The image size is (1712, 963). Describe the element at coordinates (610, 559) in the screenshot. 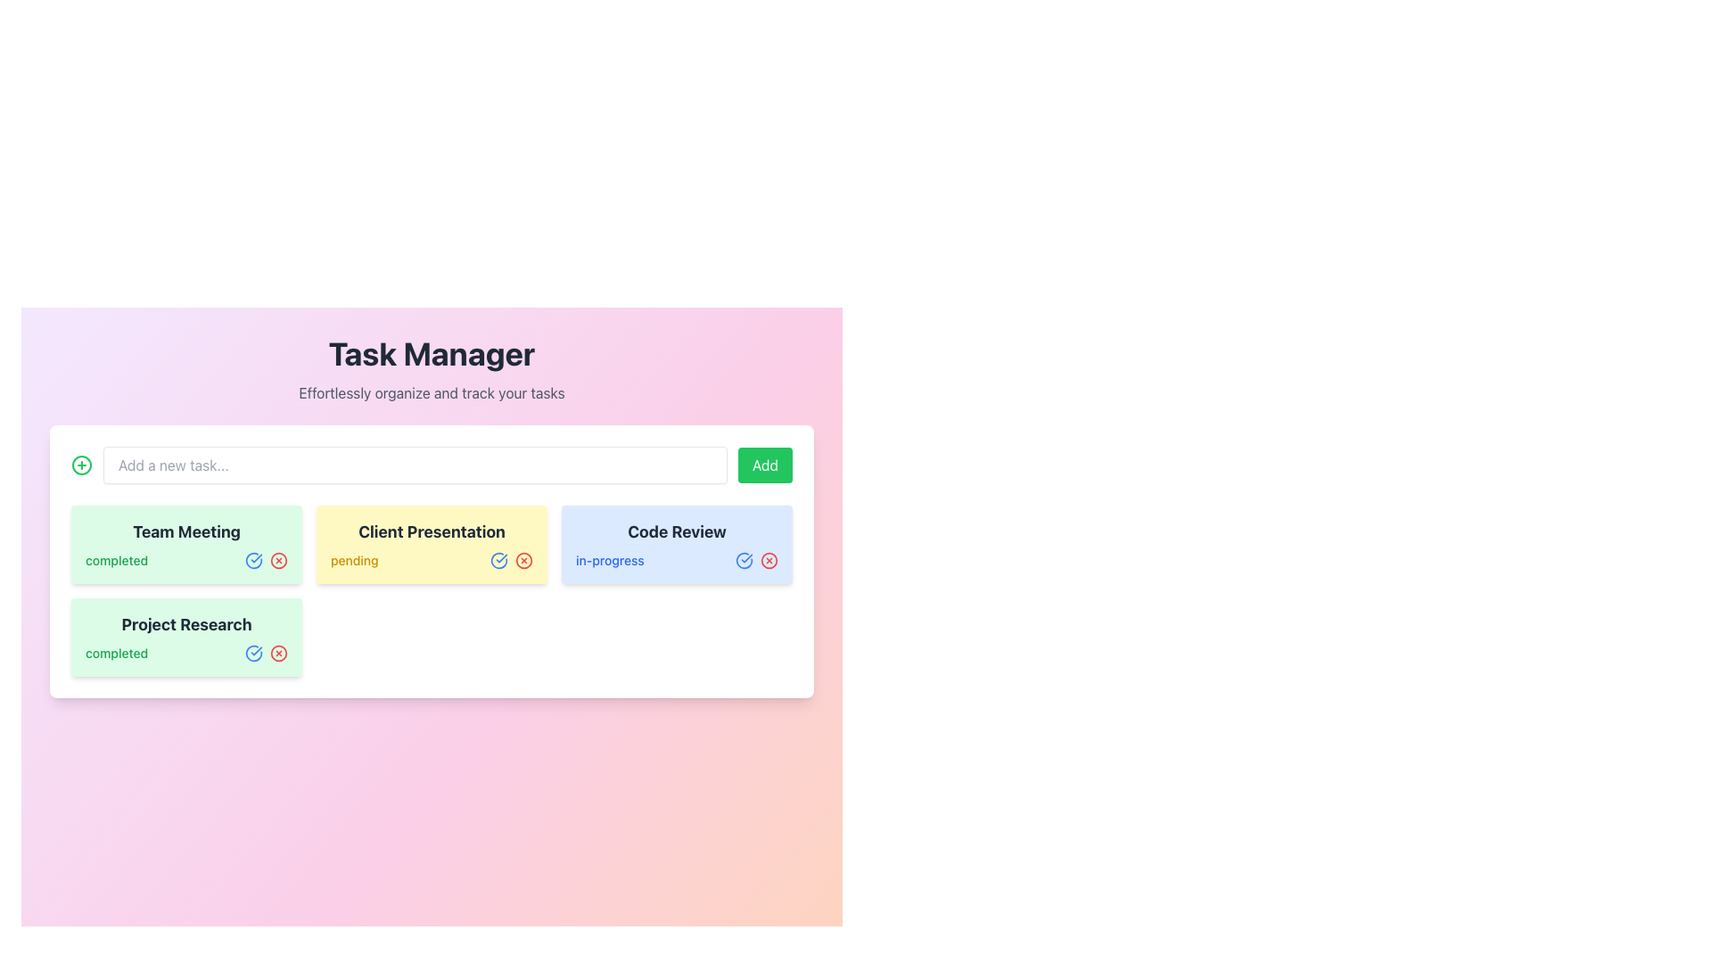

I see `the text label displaying 'in-progress' in blue font, which is positioned within the 'Code Review' card on the right side of the card, to the left of the checkmark and cross icons` at that location.